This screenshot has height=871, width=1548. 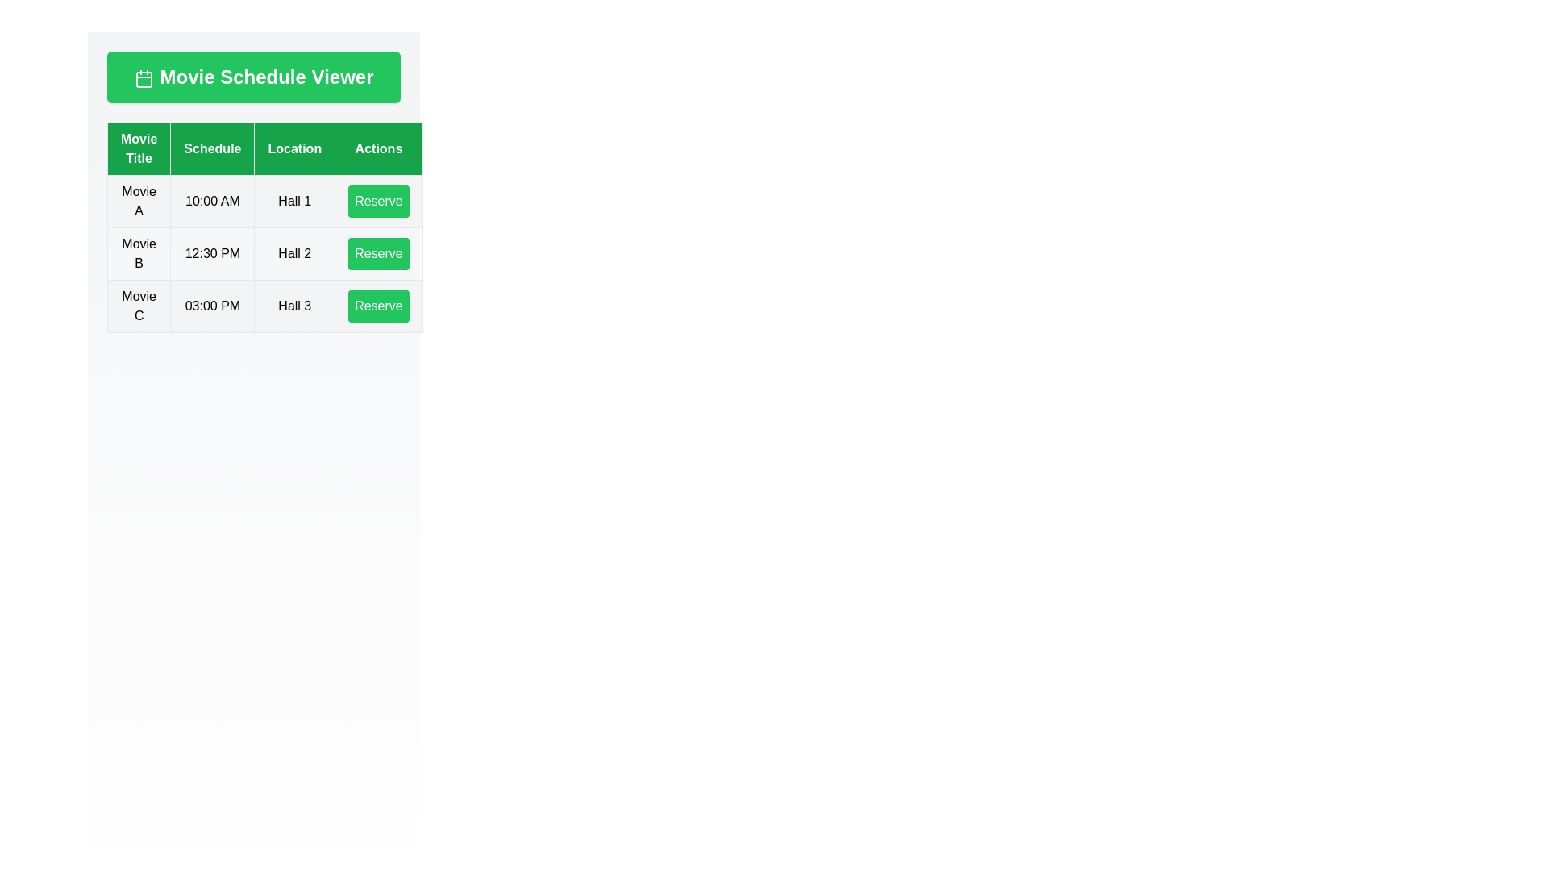 What do you see at coordinates (378, 201) in the screenshot?
I see `the reservation button for Movie A` at bounding box center [378, 201].